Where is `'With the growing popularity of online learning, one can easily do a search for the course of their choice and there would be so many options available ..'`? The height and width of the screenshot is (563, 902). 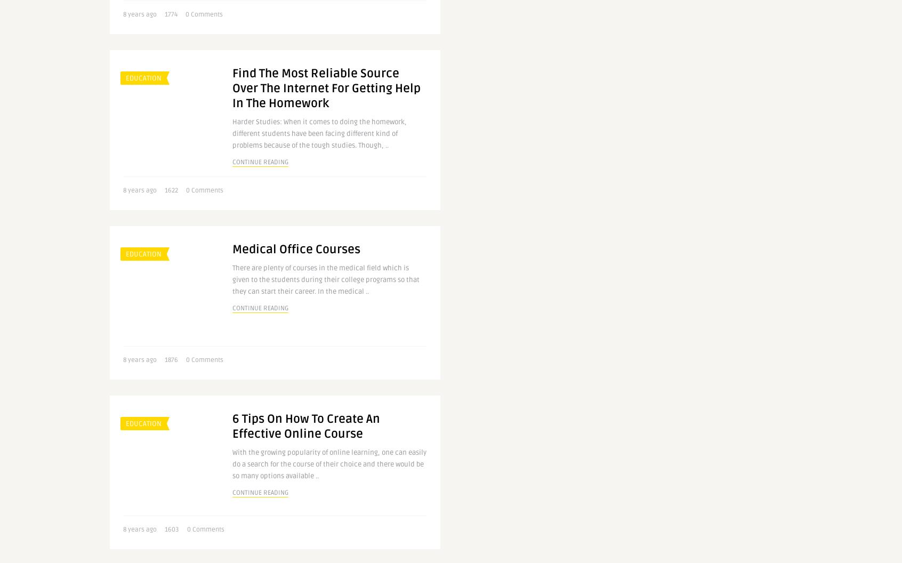
'With the growing popularity of online learning, one can easily do a search for the course of their choice and there would be so many options available ..' is located at coordinates (232, 463).